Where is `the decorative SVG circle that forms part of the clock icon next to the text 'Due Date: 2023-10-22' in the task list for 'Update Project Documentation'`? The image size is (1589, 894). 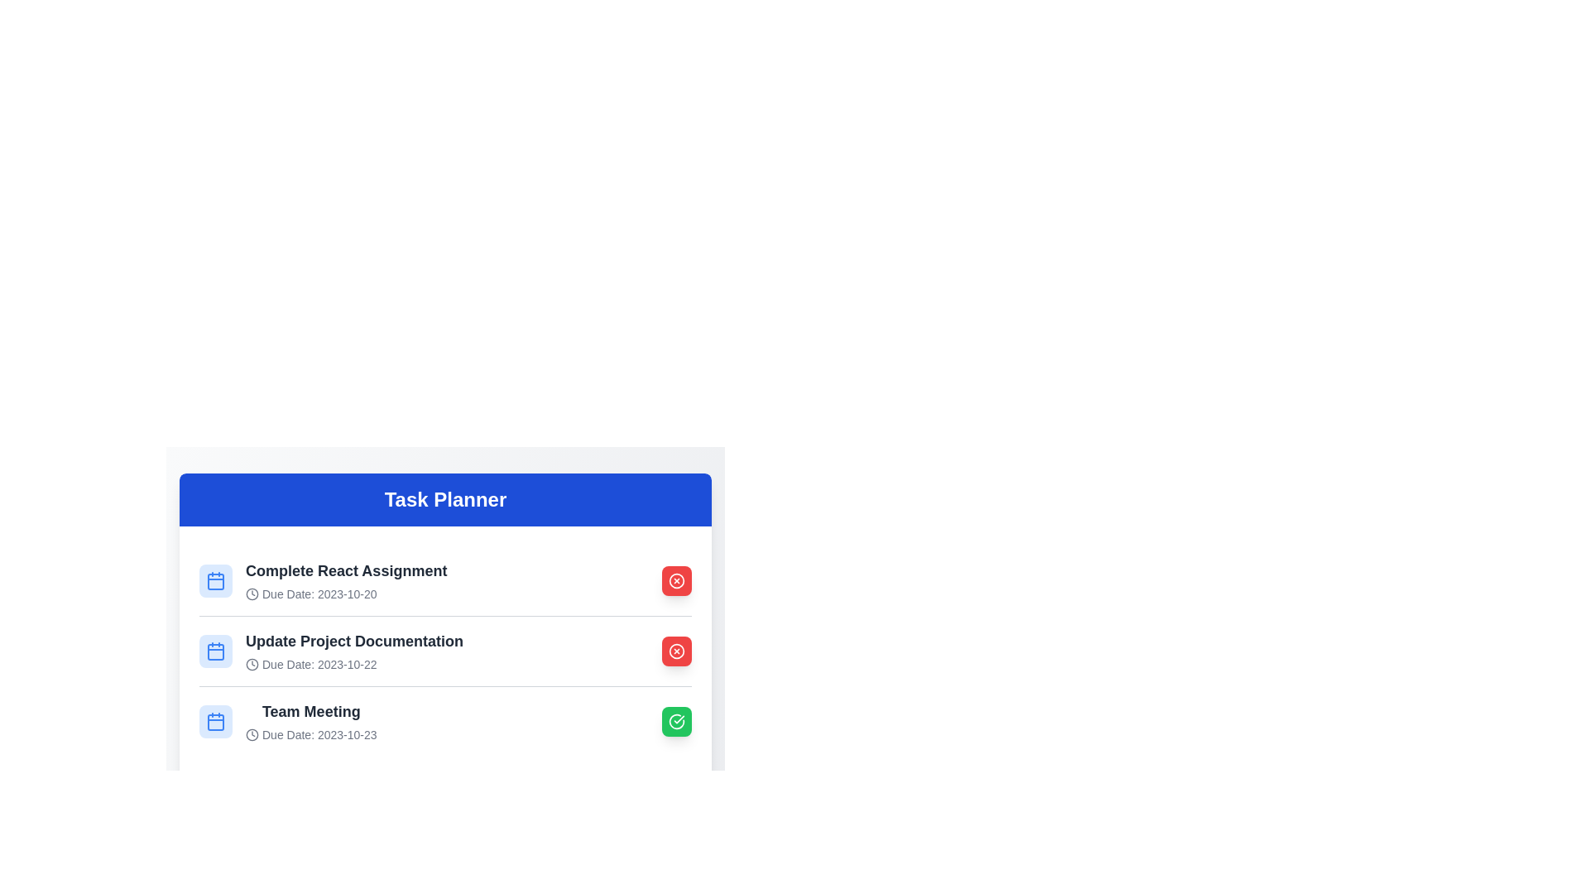 the decorative SVG circle that forms part of the clock icon next to the text 'Due Date: 2023-10-22' in the task list for 'Update Project Documentation' is located at coordinates (252, 663).